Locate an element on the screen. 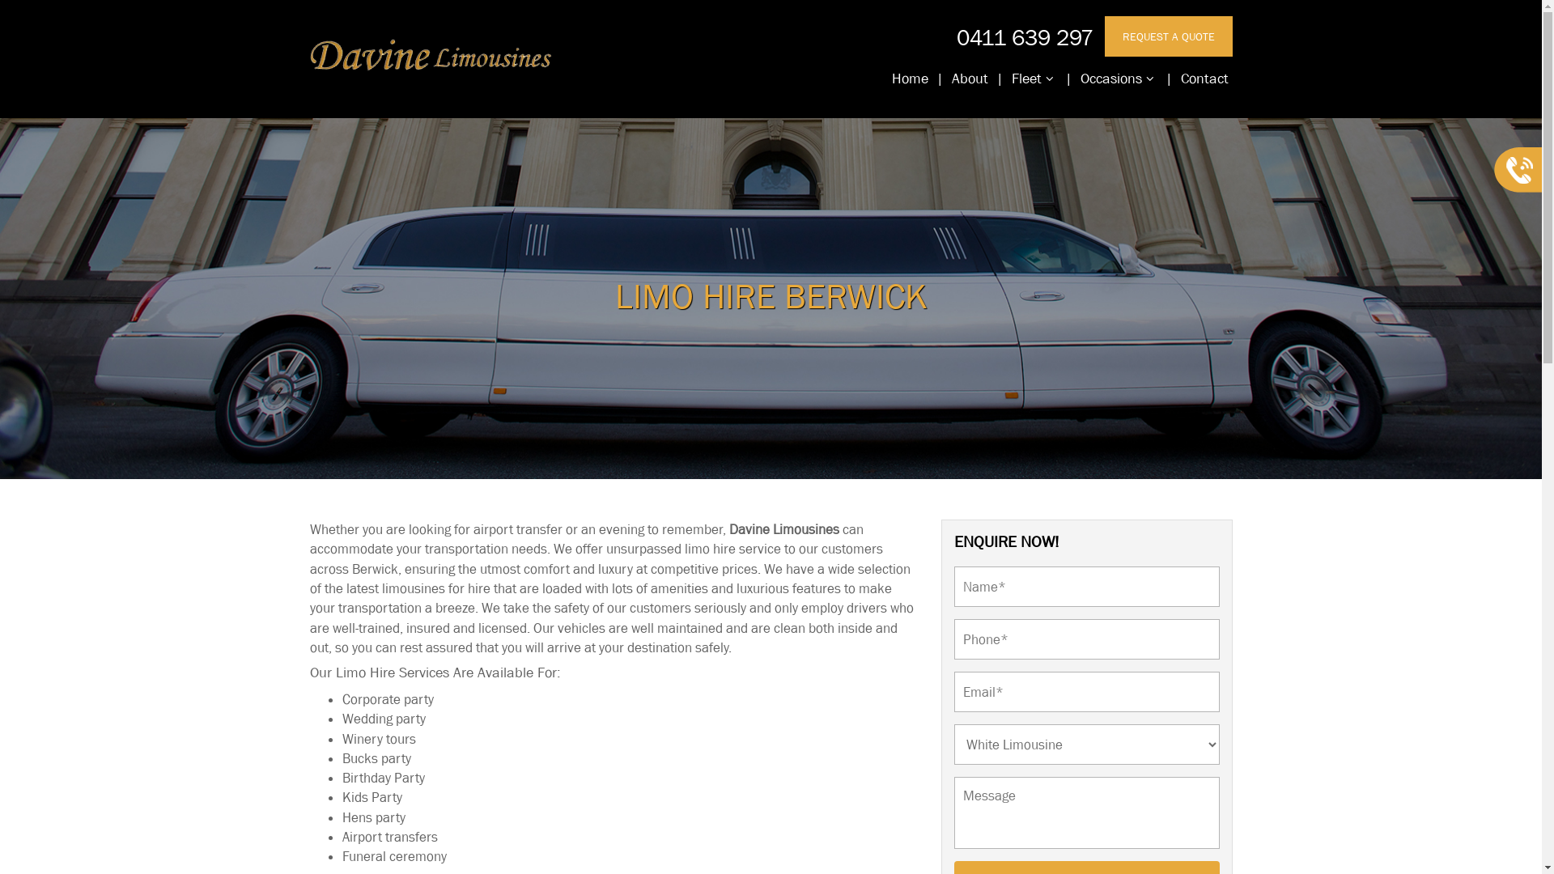  '0411 639 297' is located at coordinates (956, 36).